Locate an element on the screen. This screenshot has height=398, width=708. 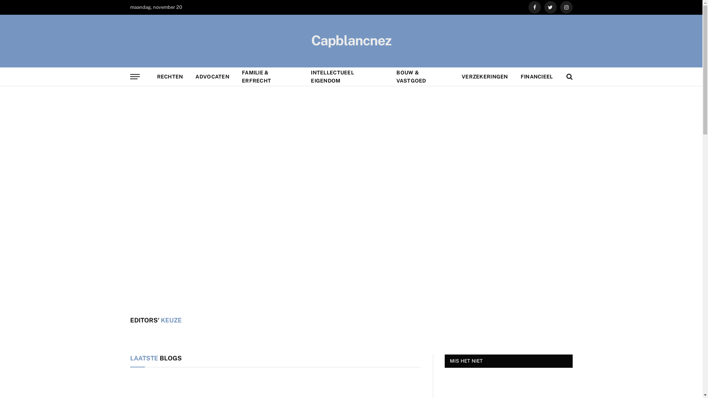
'Twitter' is located at coordinates (544, 7).